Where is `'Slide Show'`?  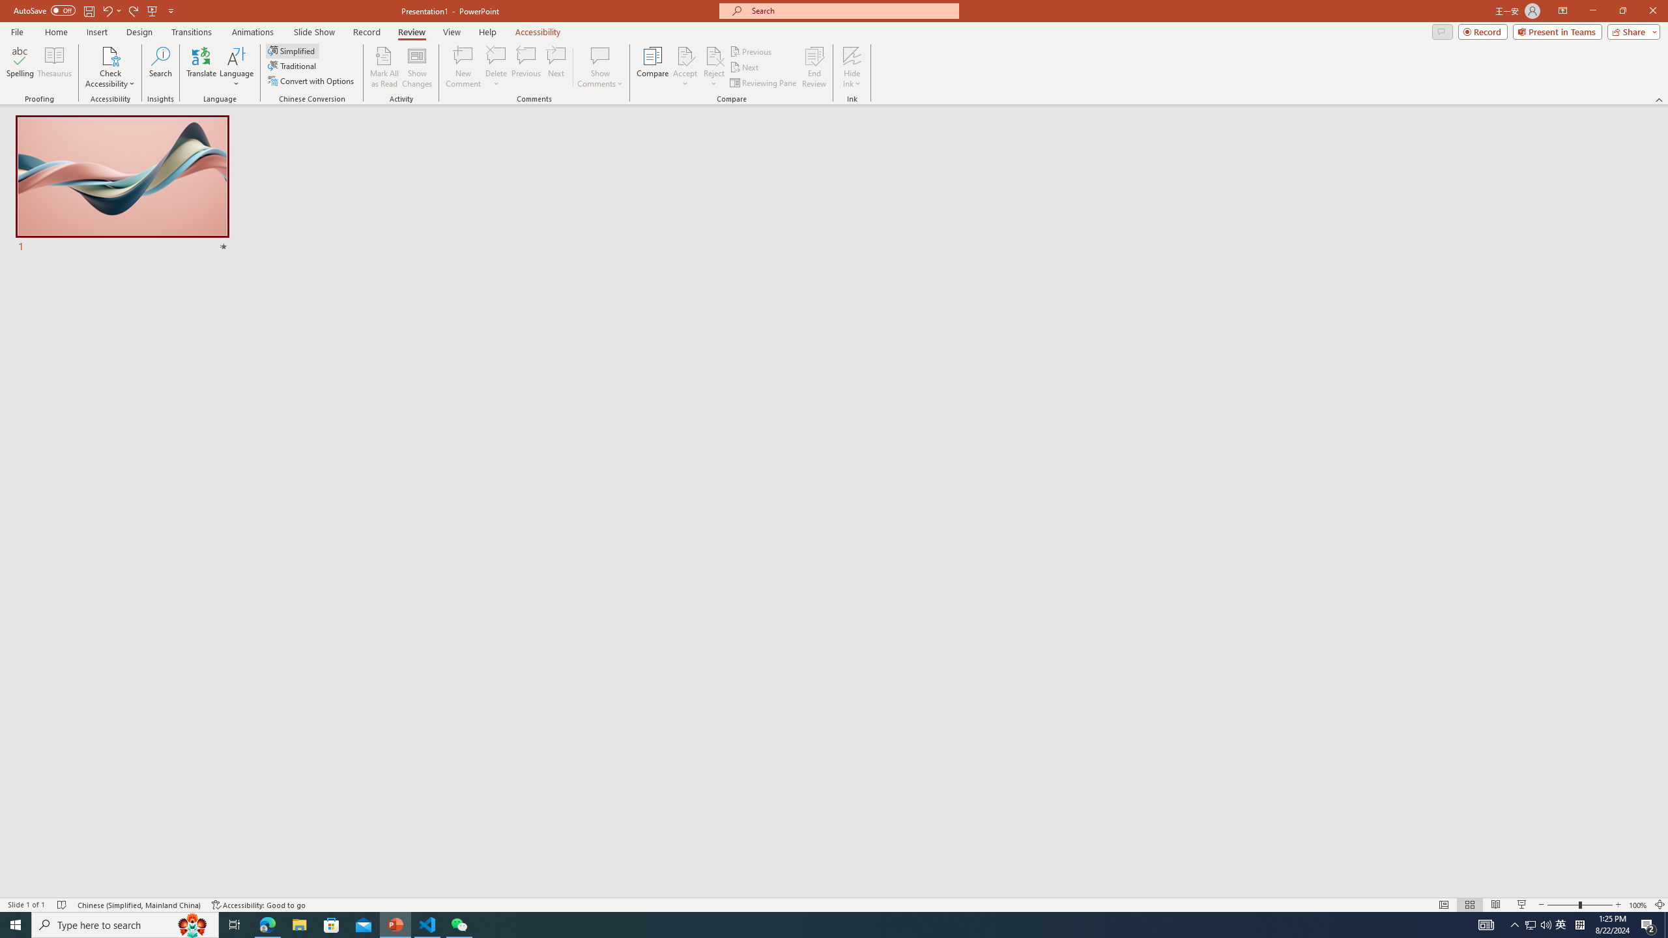 'Slide Show' is located at coordinates (313, 32).